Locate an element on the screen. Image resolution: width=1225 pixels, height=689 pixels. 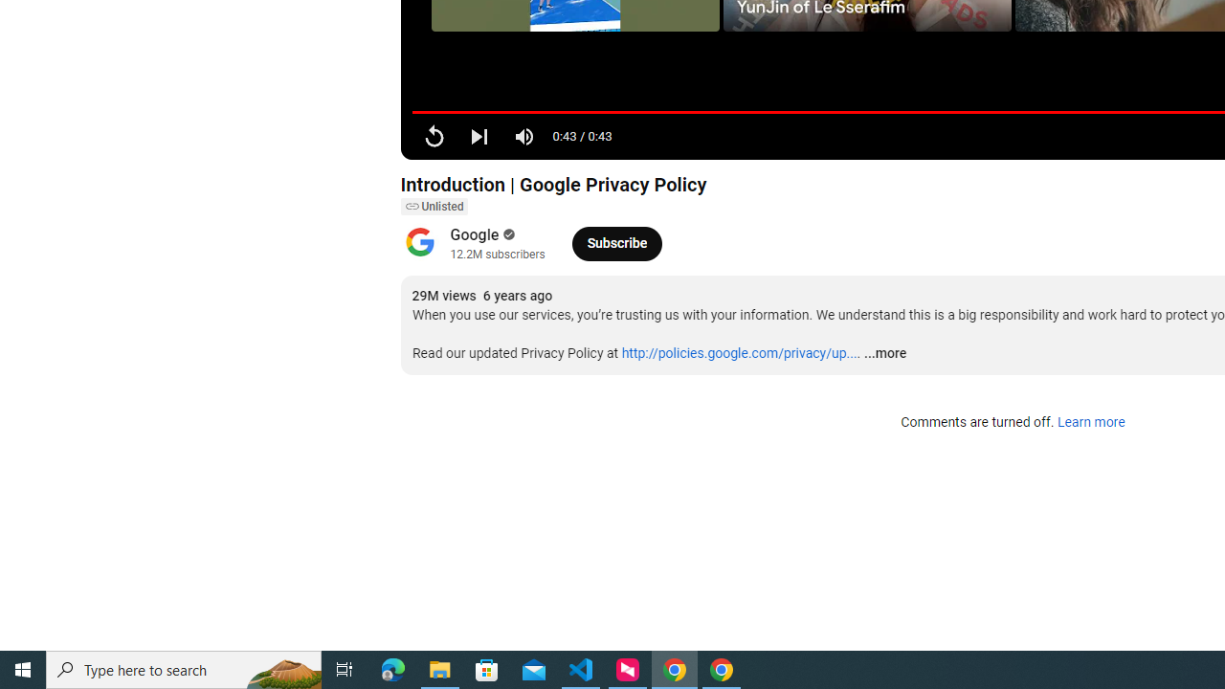
'Next (SHIFT+n)' is located at coordinates (479, 135).